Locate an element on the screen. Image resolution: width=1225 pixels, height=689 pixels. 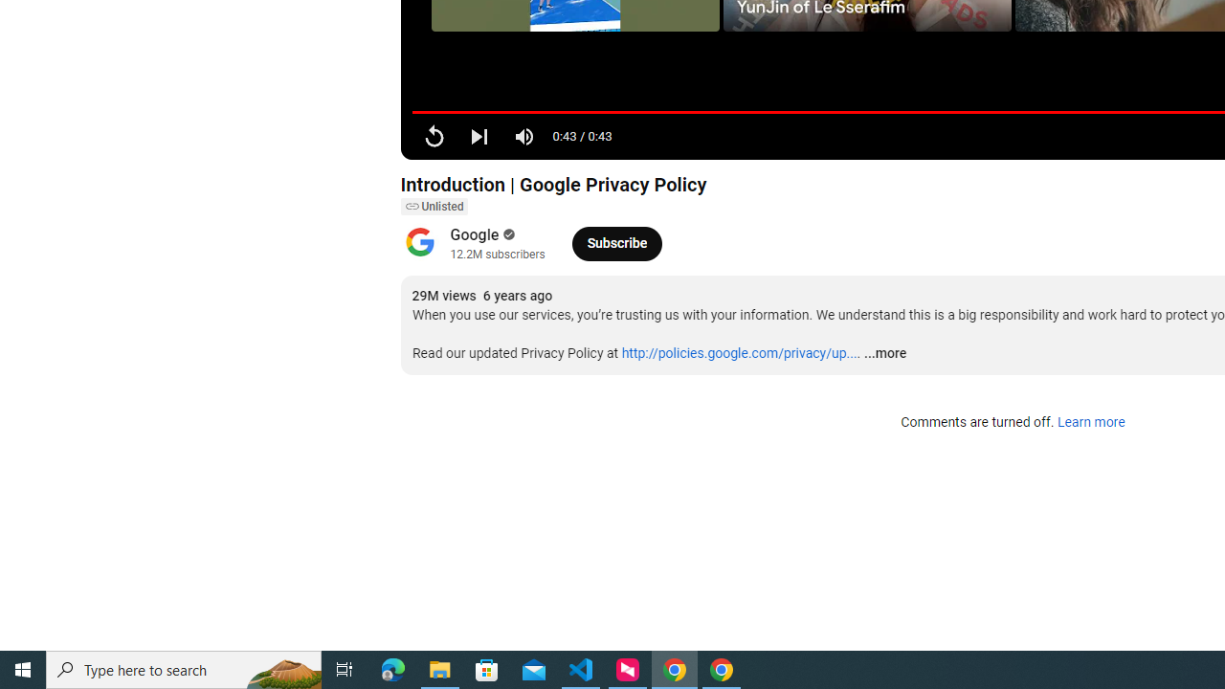
'Next (SHIFT+n)' is located at coordinates (479, 135).